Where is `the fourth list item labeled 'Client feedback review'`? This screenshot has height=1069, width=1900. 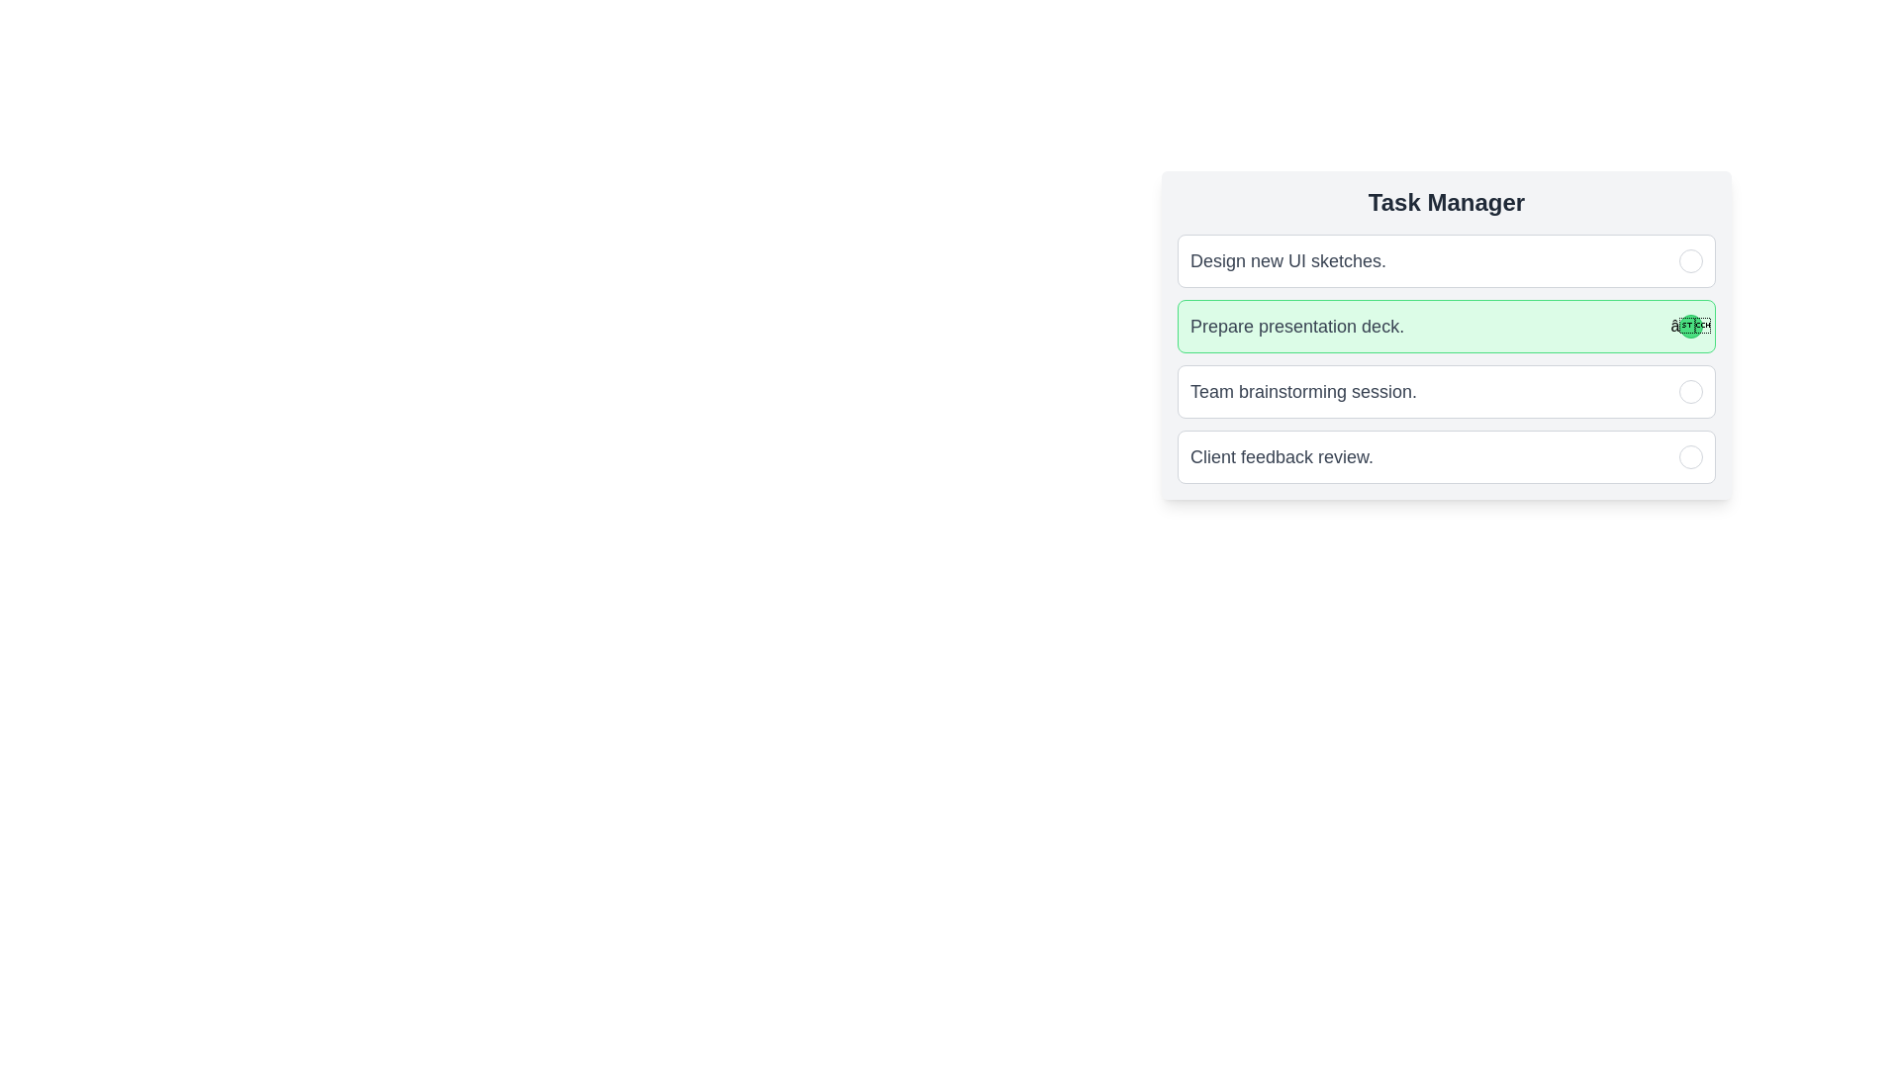
the fourth list item labeled 'Client feedback review' is located at coordinates (1447, 457).